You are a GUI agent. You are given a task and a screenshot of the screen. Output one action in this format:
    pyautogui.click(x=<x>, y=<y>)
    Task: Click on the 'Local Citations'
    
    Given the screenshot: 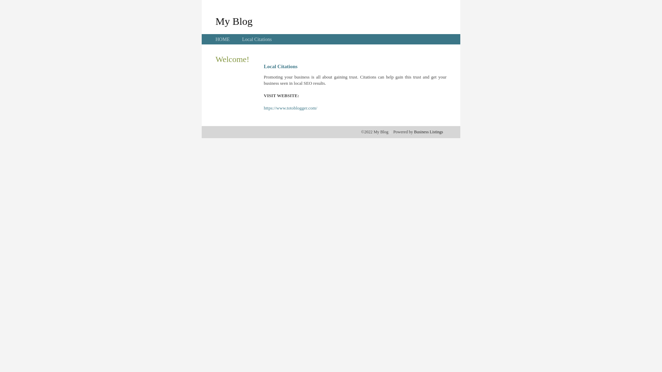 What is the action you would take?
    pyautogui.click(x=256, y=39)
    